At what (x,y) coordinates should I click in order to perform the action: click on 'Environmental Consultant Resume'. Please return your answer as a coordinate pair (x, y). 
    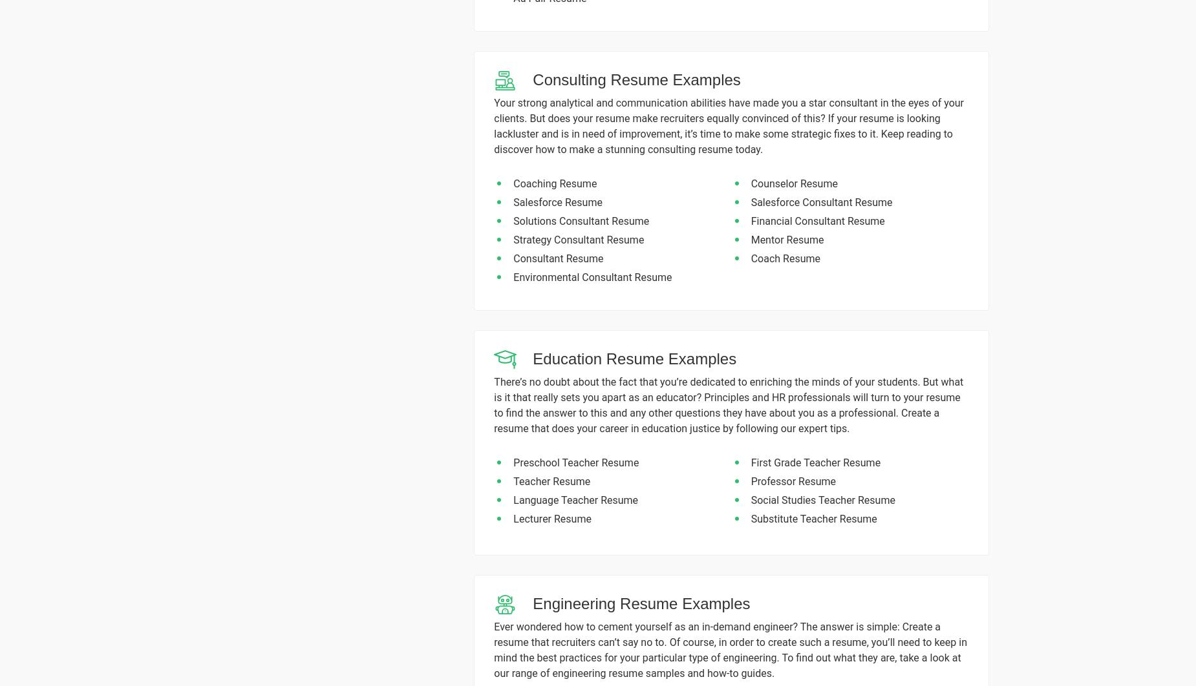
    Looking at the image, I should click on (592, 276).